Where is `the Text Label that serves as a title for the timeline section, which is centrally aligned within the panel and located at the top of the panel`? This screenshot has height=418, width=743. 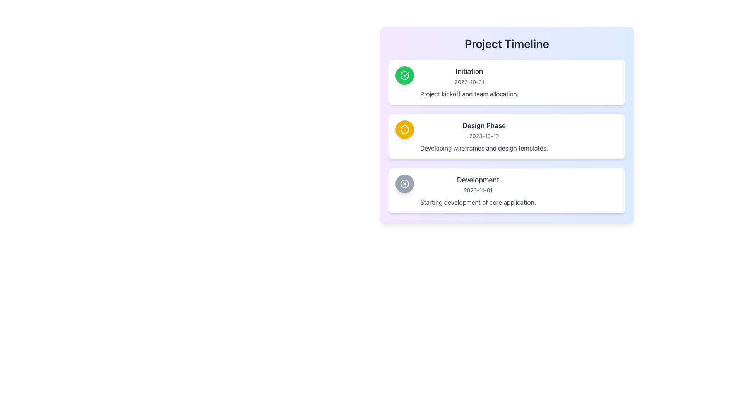
the Text Label that serves as a title for the timeline section, which is centrally aligned within the panel and located at the top of the panel is located at coordinates (507, 43).